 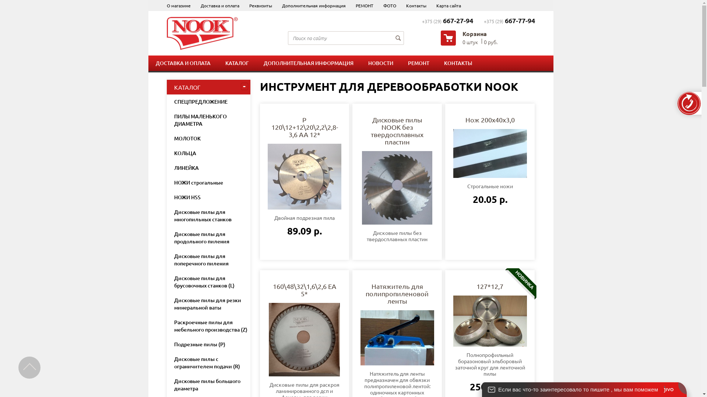 What do you see at coordinates (447, 21) in the screenshot?
I see `'+375 (29)667-27-94'` at bounding box center [447, 21].